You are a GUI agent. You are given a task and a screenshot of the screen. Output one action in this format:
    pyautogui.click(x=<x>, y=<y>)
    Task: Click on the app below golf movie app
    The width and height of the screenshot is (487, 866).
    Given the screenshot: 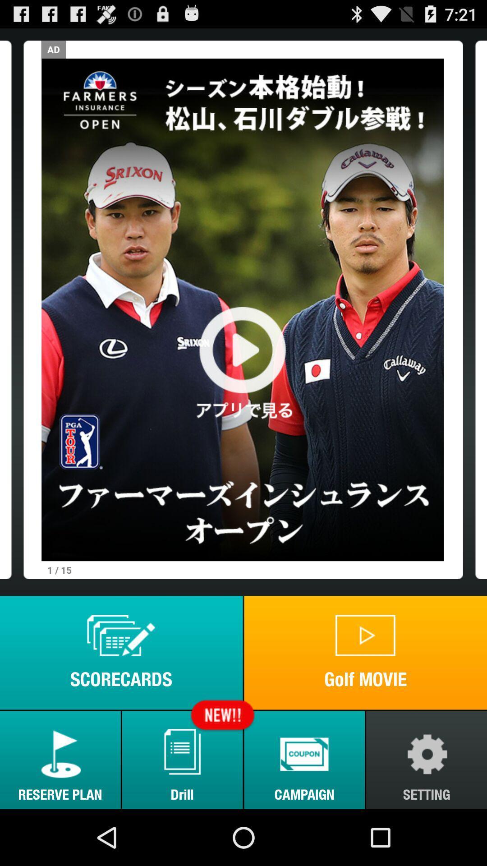 What is the action you would take?
    pyautogui.click(x=304, y=760)
    